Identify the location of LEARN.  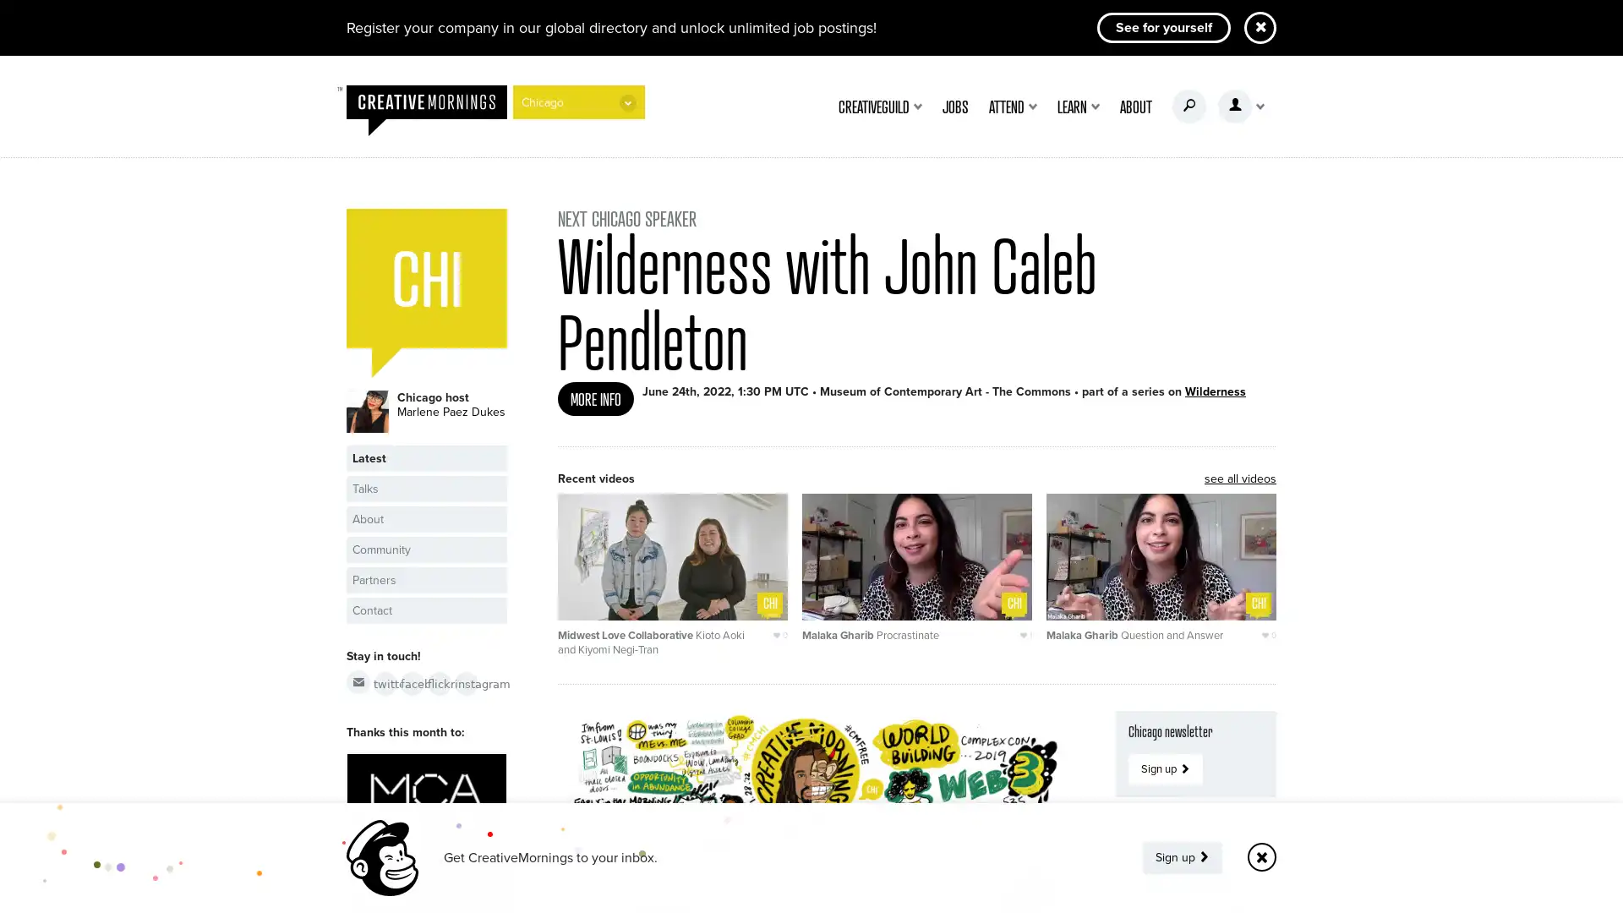
(1078, 107).